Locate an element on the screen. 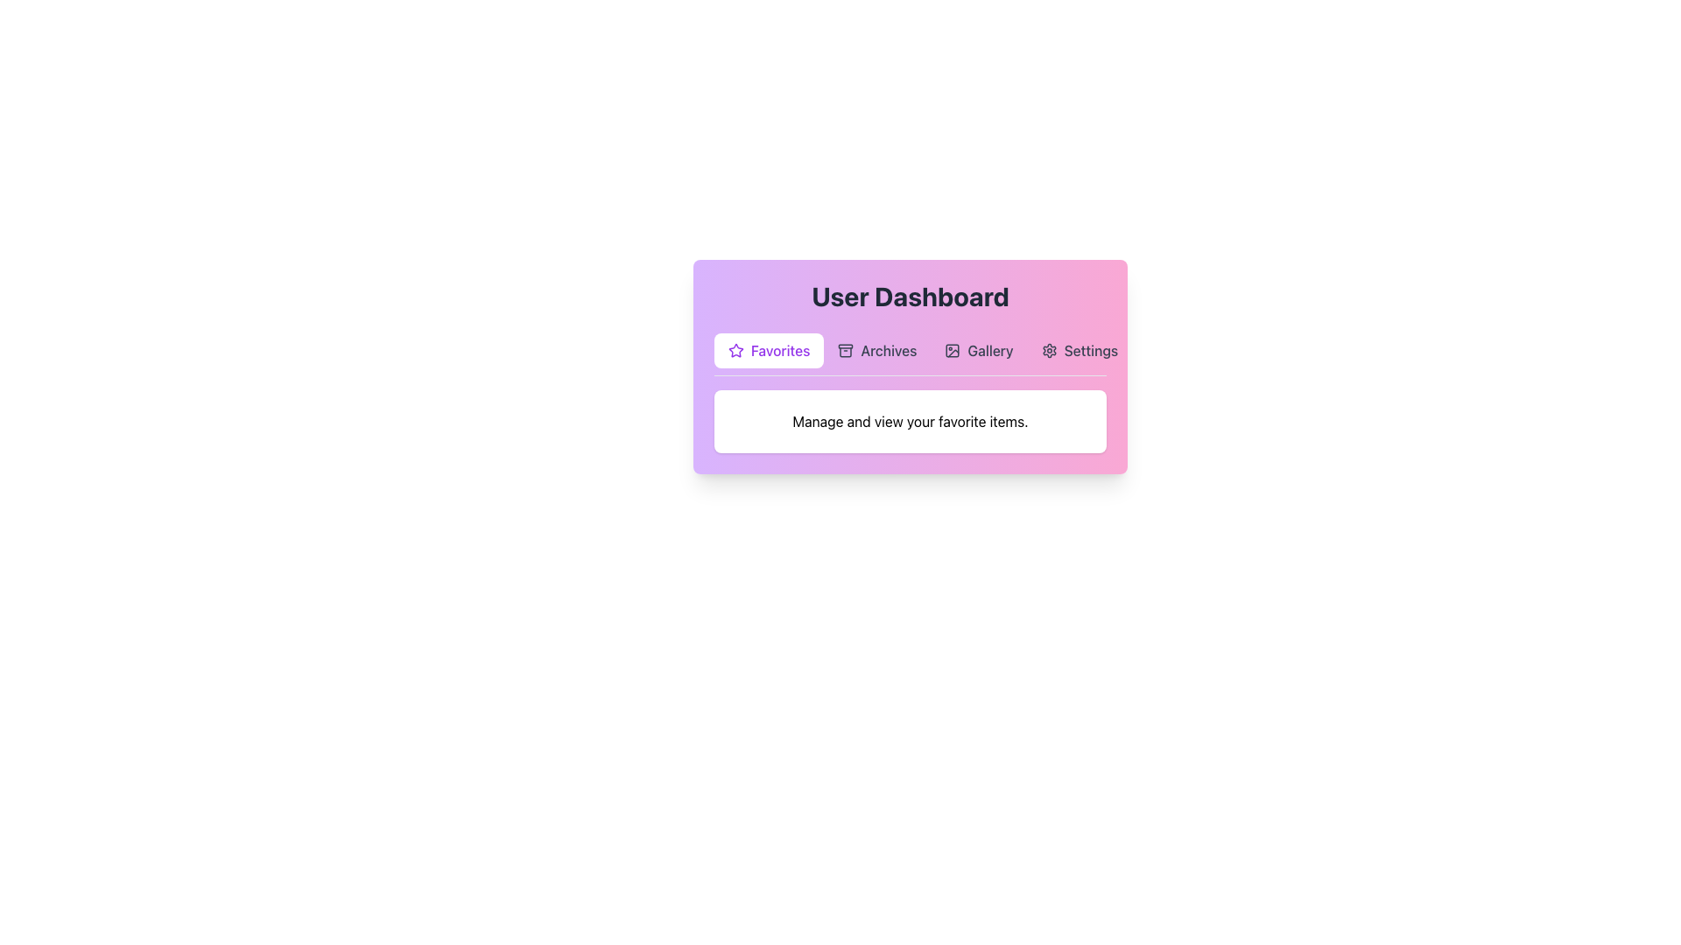 The width and height of the screenshot is (1681, 945). the 'Archives' button in the User Dashboard navigation bar is located at coordinates (877, 351).